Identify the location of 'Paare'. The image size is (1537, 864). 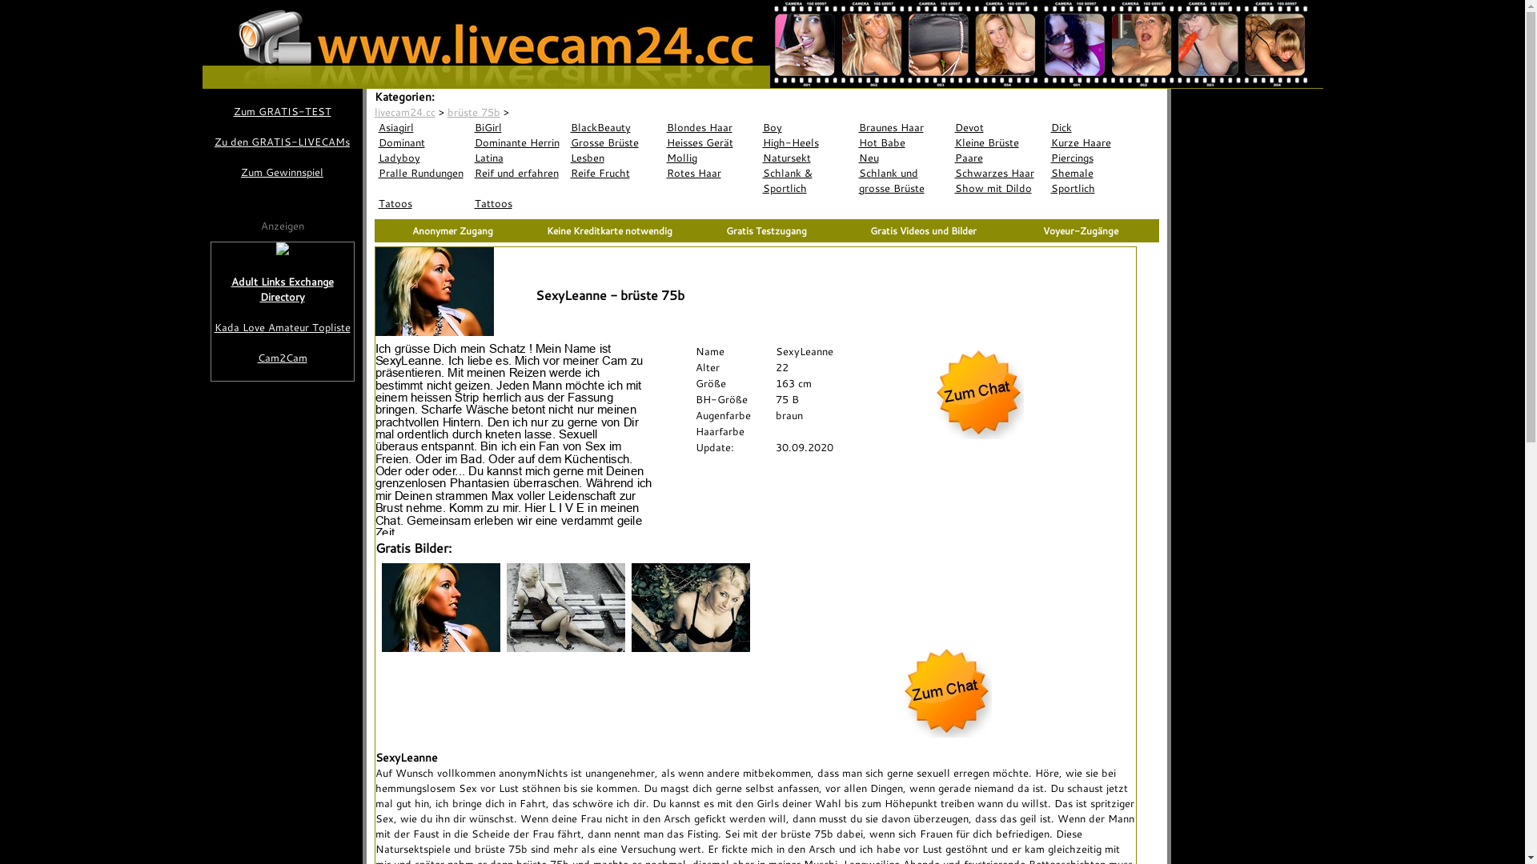
(998, 158).